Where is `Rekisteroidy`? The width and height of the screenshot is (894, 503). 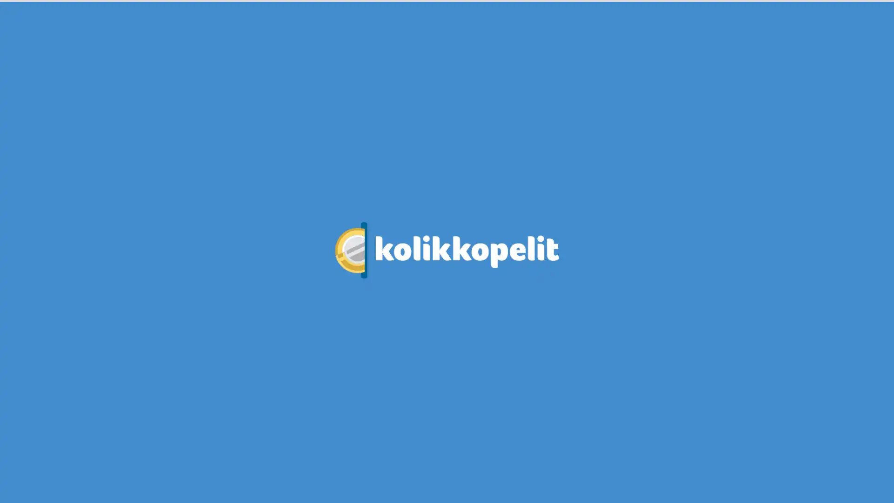
Rekisteroidy is located at coordinates (784, 29).